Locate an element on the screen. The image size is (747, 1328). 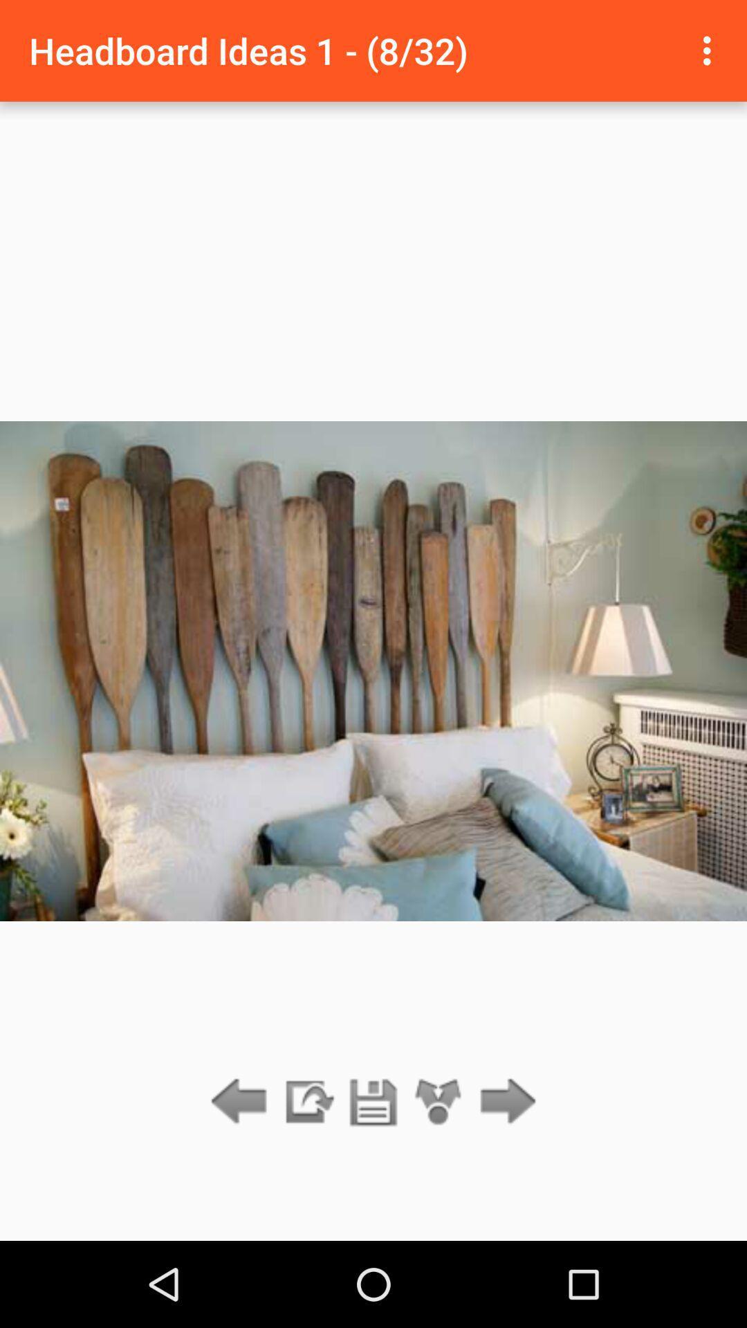
share with others is located at coordinates (439, 1102).